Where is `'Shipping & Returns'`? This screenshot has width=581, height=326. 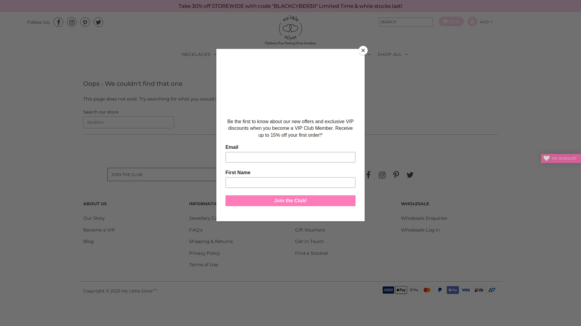 'Shipping & Returns' is located at coordinates (211, 241).